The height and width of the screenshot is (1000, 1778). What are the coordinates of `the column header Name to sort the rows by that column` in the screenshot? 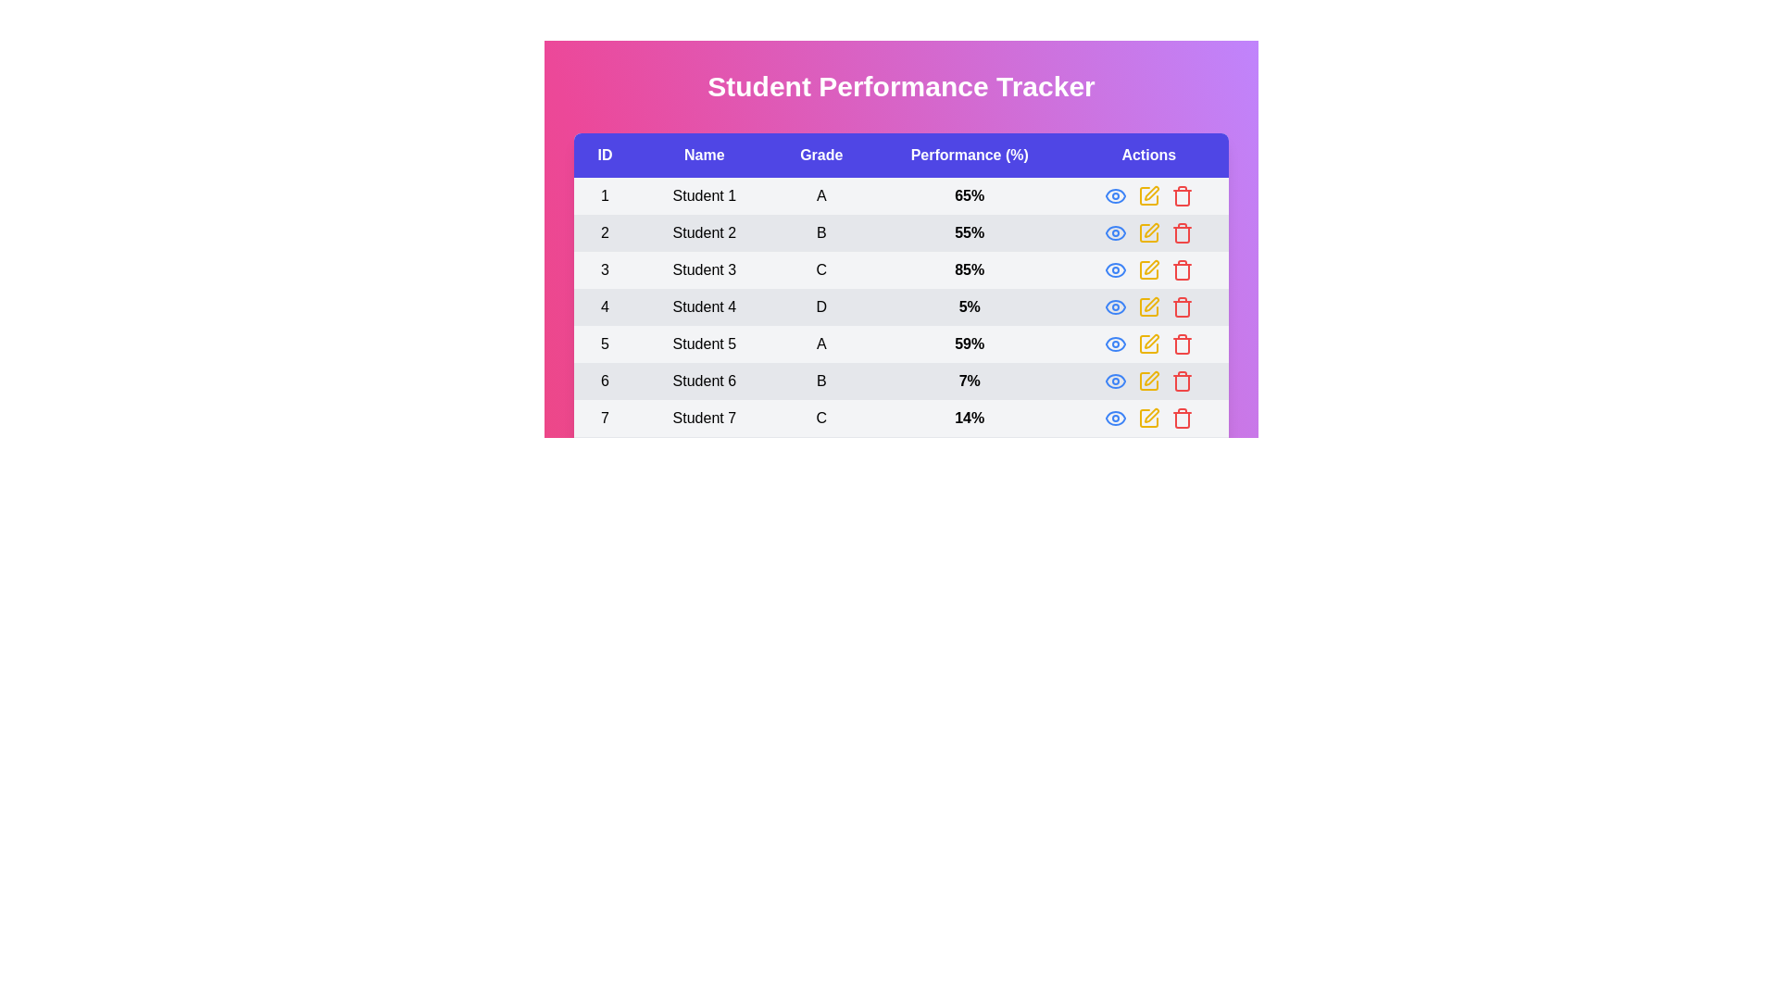 It's located at (703, 155).